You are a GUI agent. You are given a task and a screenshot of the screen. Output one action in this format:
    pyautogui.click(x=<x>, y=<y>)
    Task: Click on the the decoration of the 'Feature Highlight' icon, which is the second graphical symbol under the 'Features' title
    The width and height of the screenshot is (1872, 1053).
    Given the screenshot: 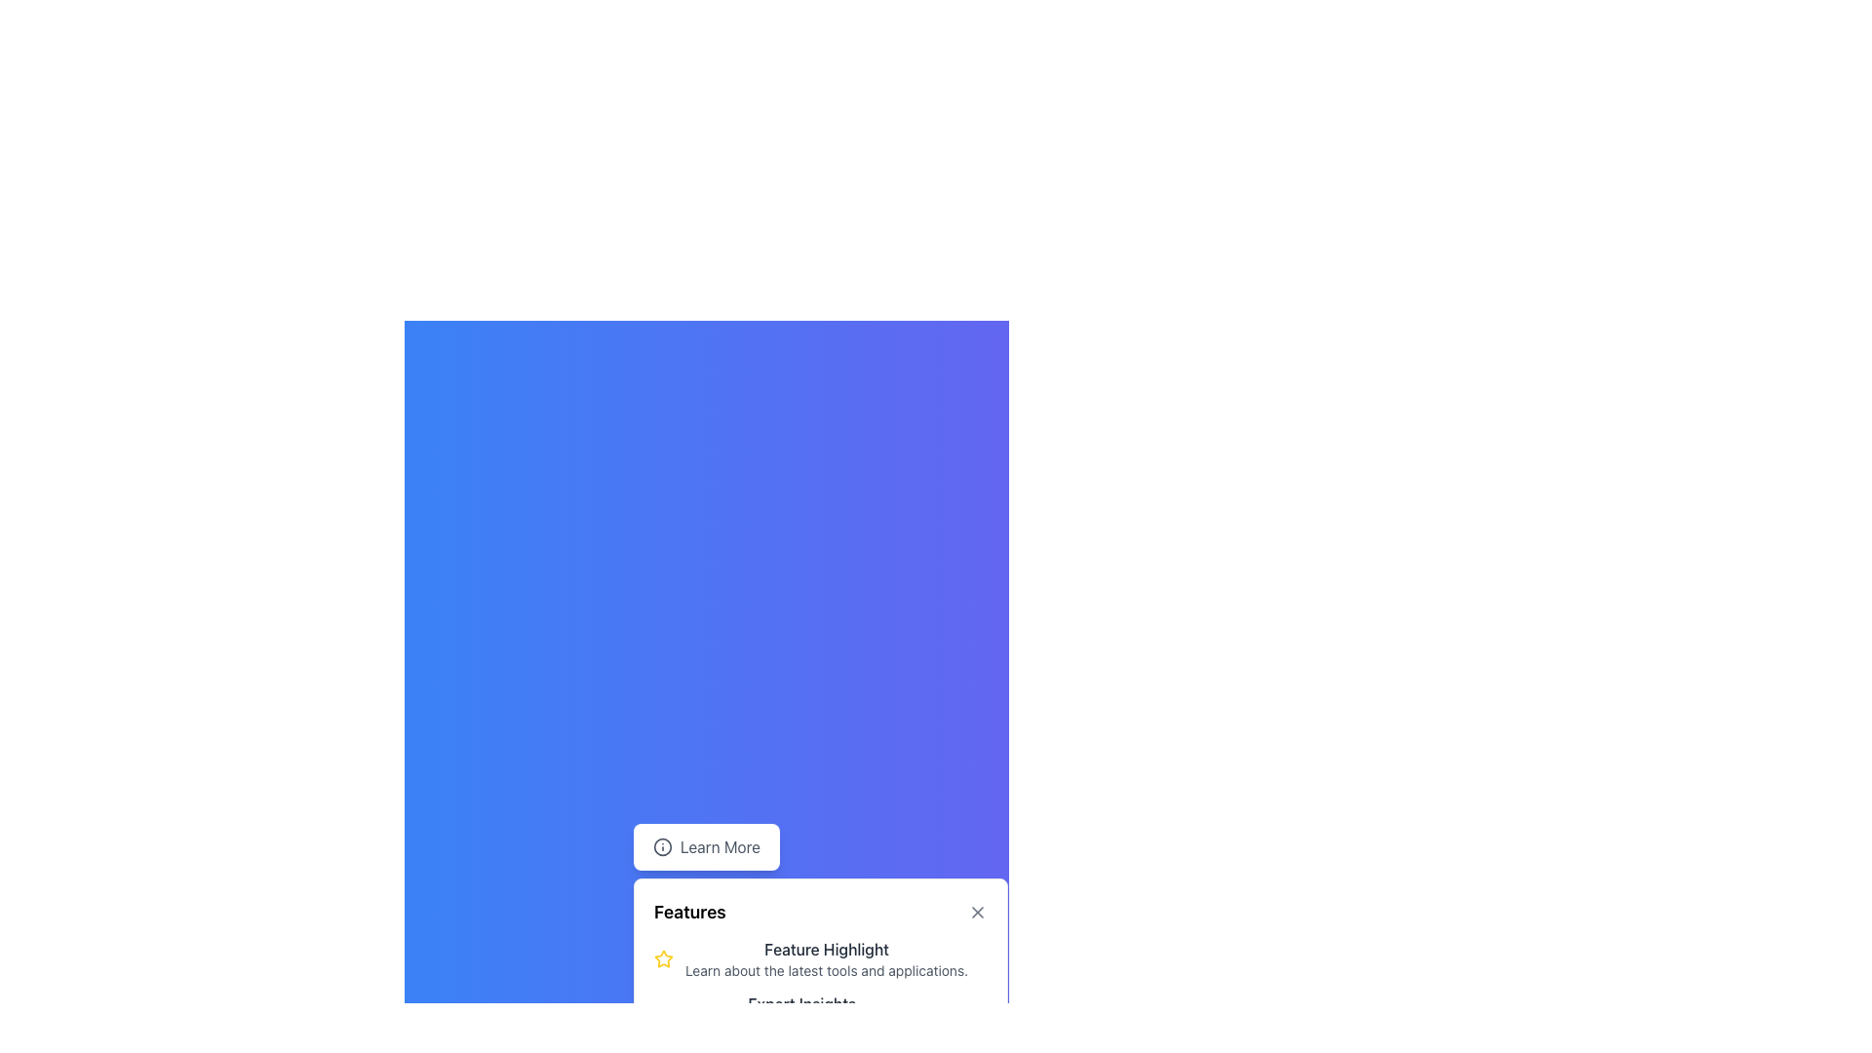 What is the action you would take?
    pyautogui.click(x=664, y=1012)
    